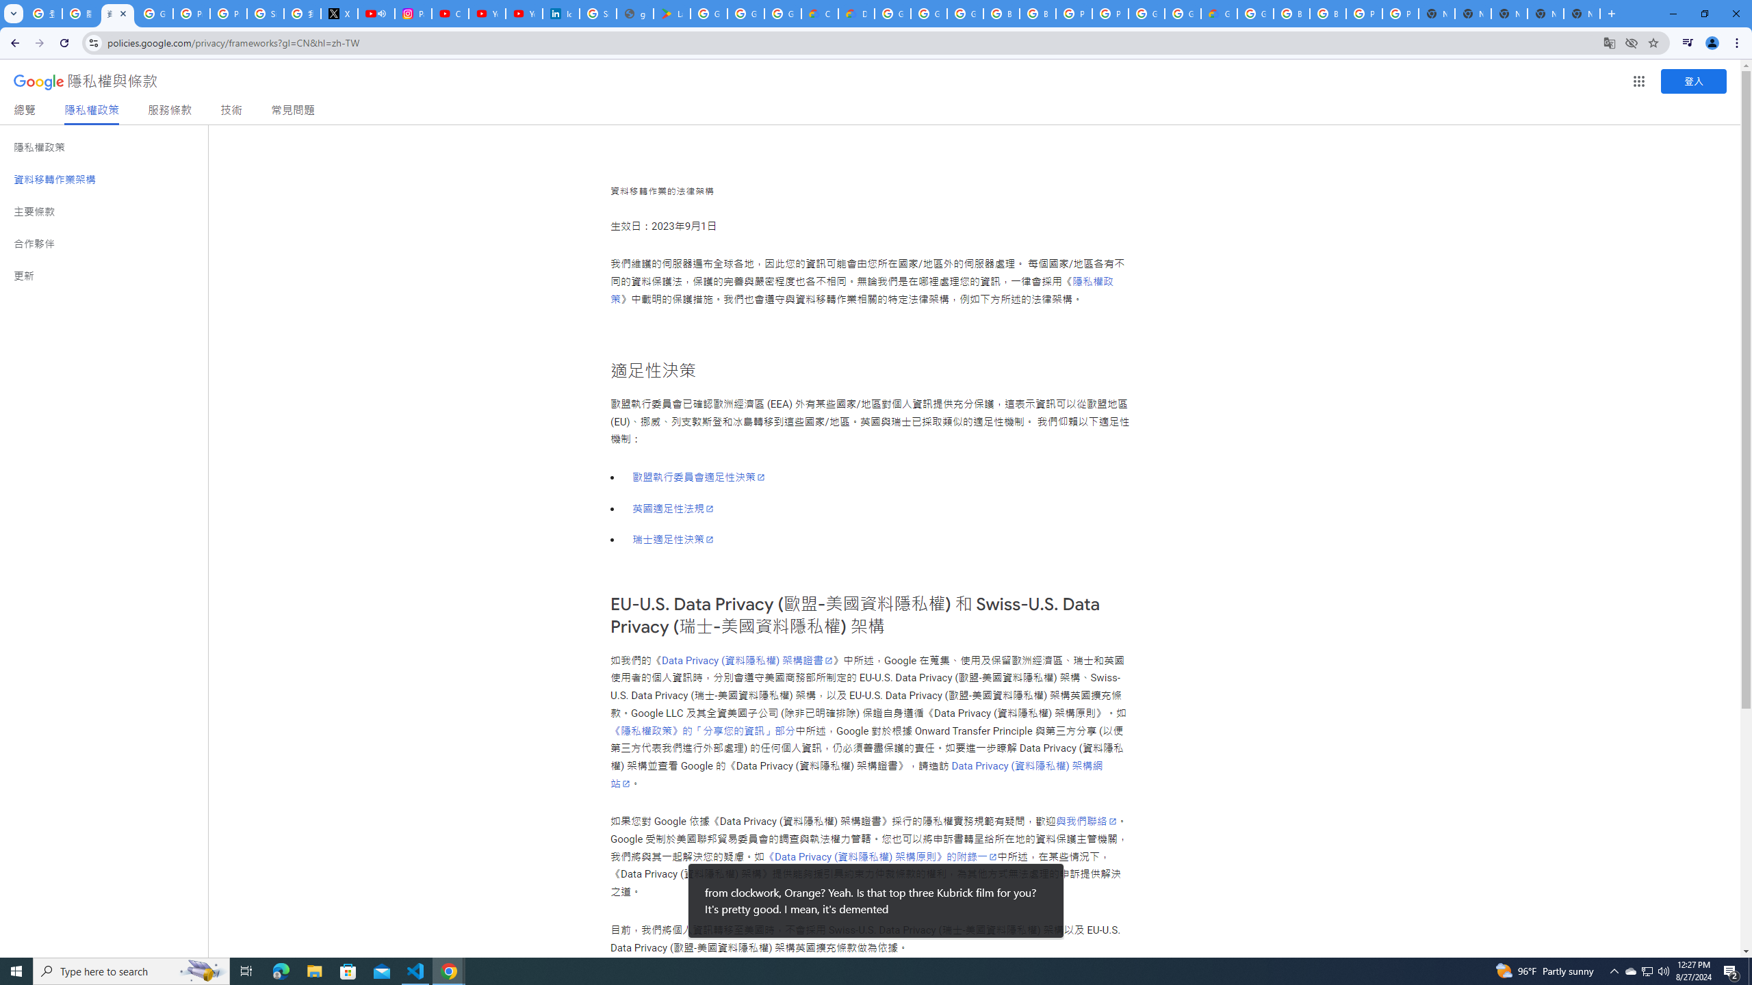  What do you see at coordinates (1582, 13) in the screenshot?
I see `'New Tab'` at bounding box center [1582, 13].